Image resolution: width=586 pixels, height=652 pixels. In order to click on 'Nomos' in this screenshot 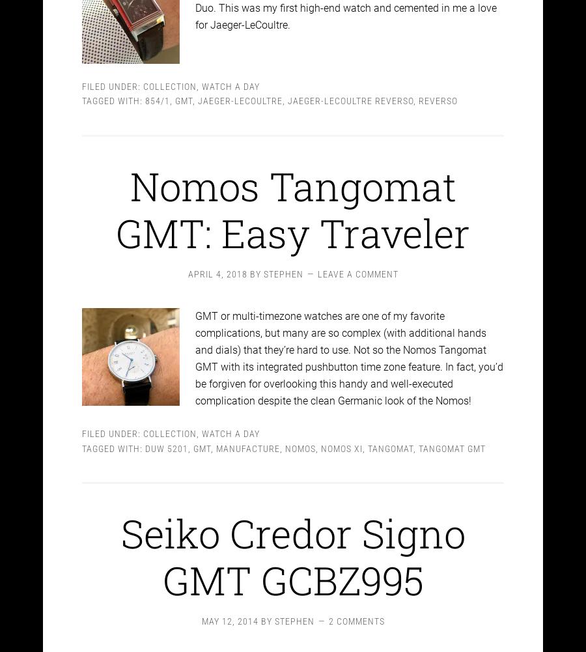, I will do `click(300, 436)`.